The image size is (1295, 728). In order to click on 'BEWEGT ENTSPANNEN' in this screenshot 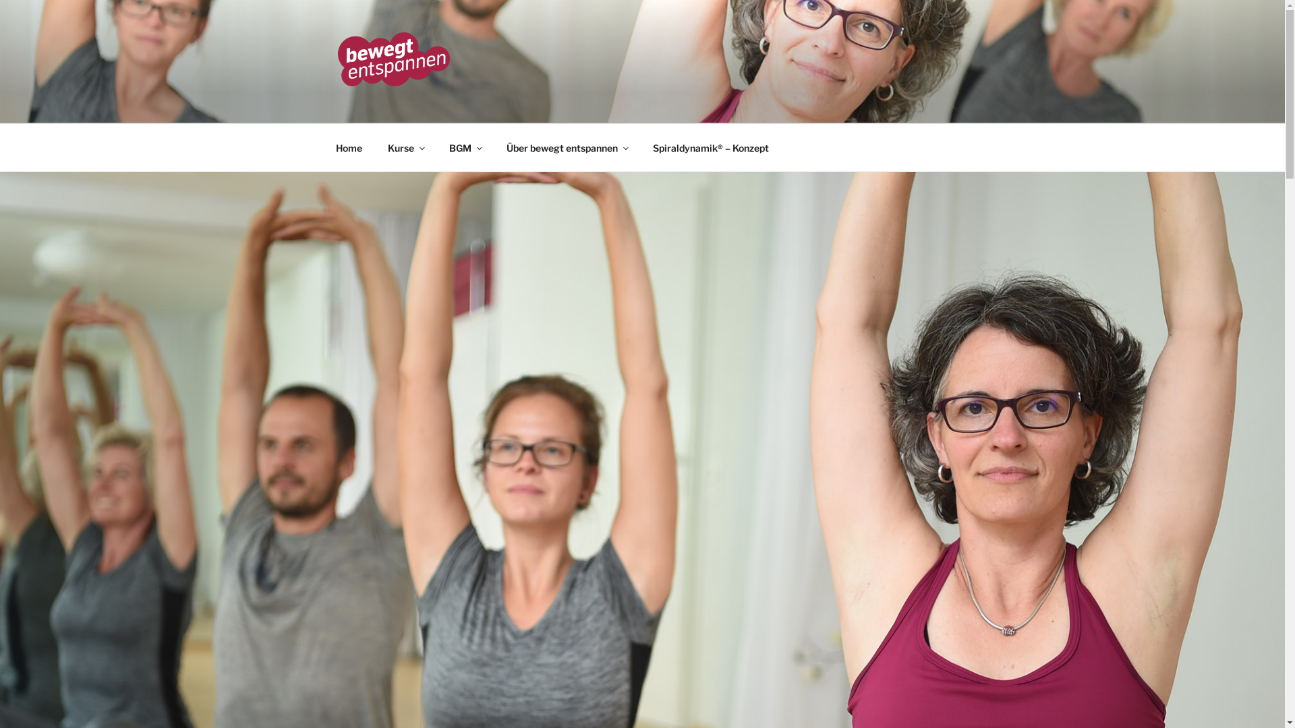, I will do `click(496, 105)`.